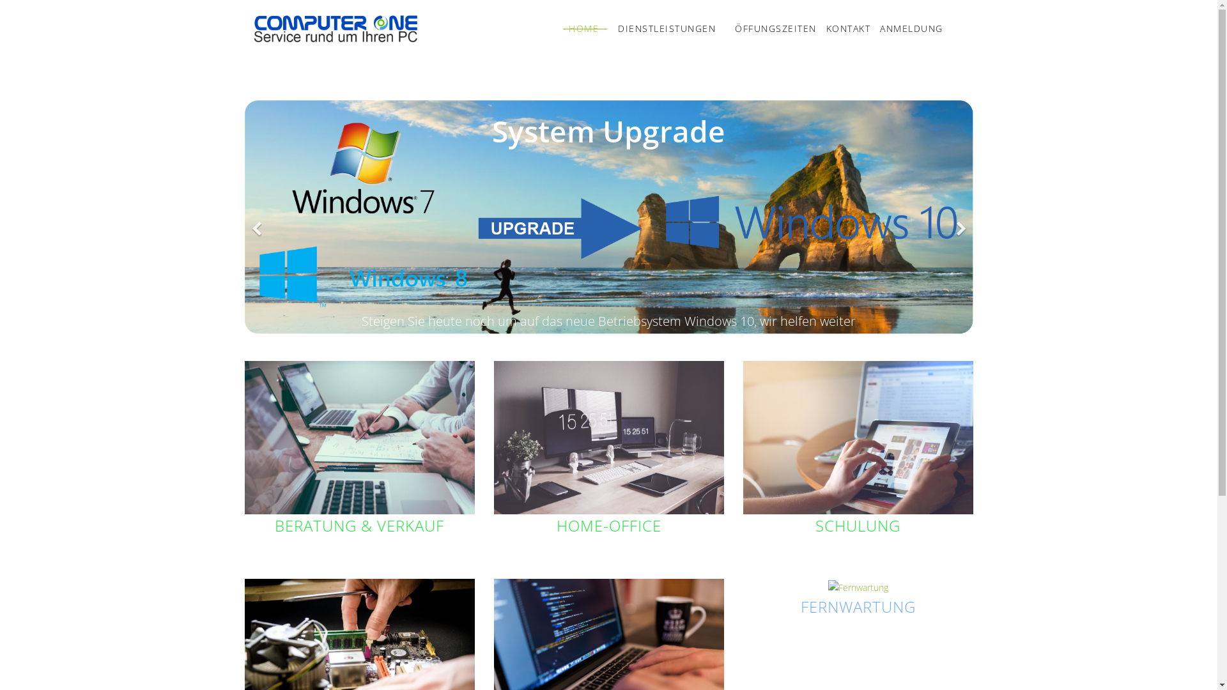 The height and width of the screenshot is (690, 1227). I want to click on 'Beratung & Verkauf', so click(358, 437).